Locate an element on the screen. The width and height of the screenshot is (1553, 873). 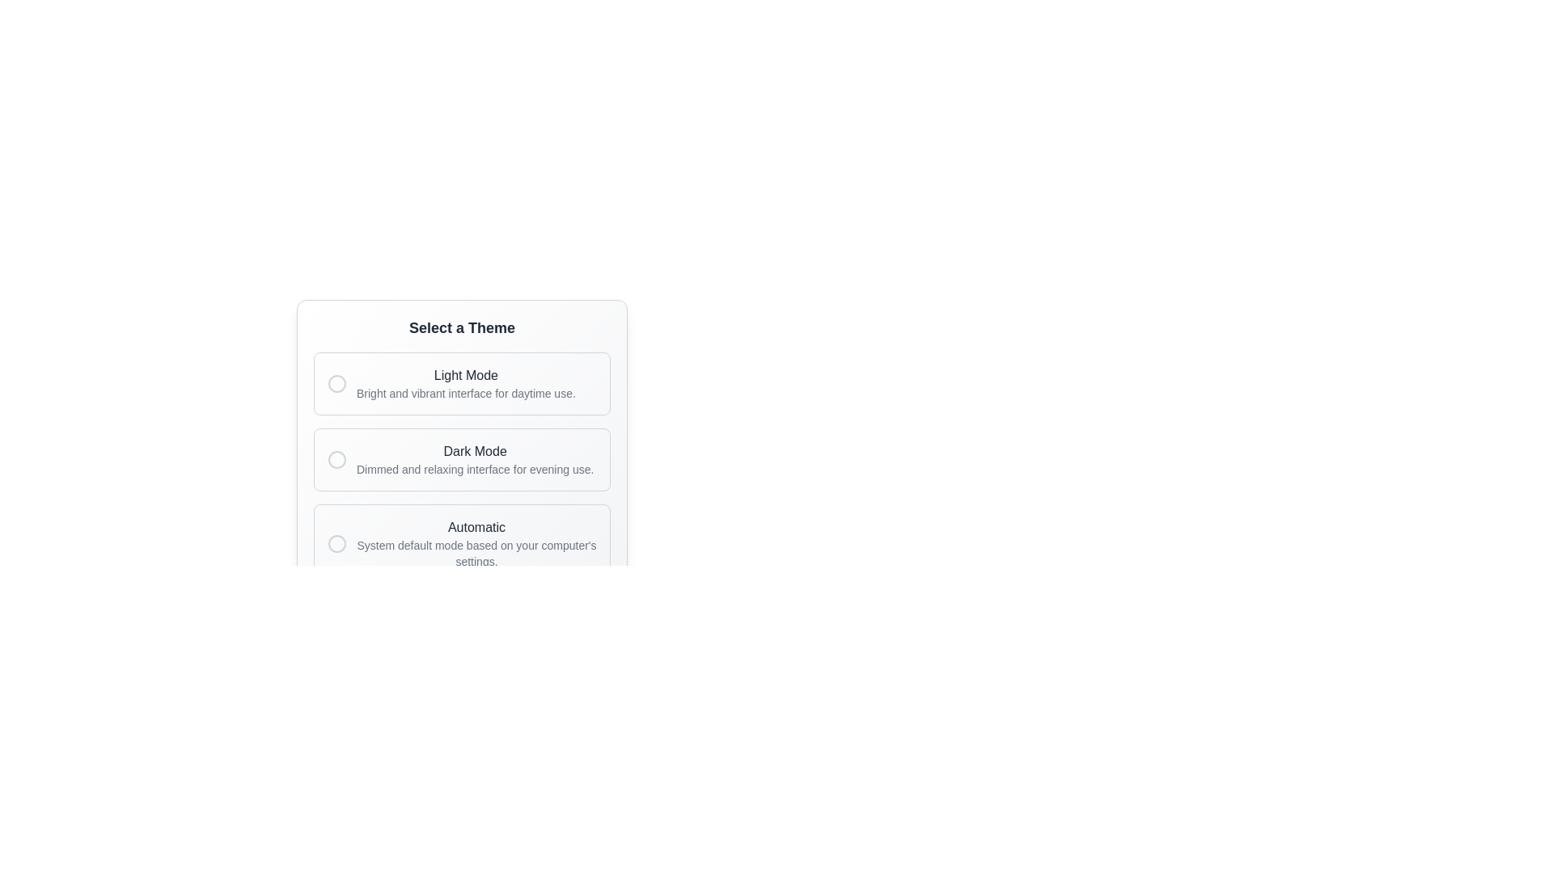
the text label that reads 'Dimmed and relaxing interface for evening use.', located directly below the heading 'Dark Mode' in the themed layout is located at coordinates (474, 470).